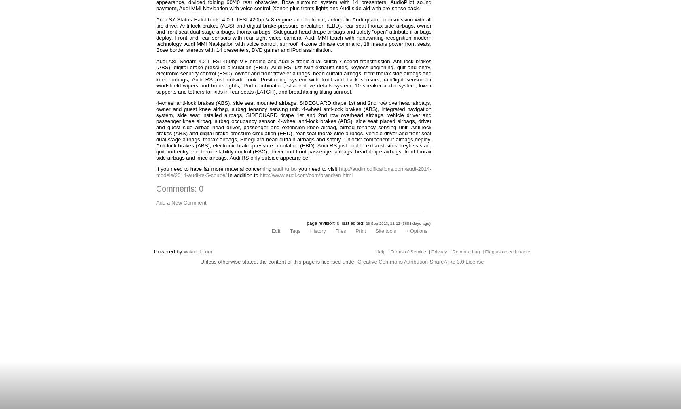 Image resolution: width=681 pixels, height=409 pixels. What do you see at coordinates (306, 175) in the screenshot?
I see `'http://www.audi.com/com/brand/en.html'` at bounding box center [306, 175].